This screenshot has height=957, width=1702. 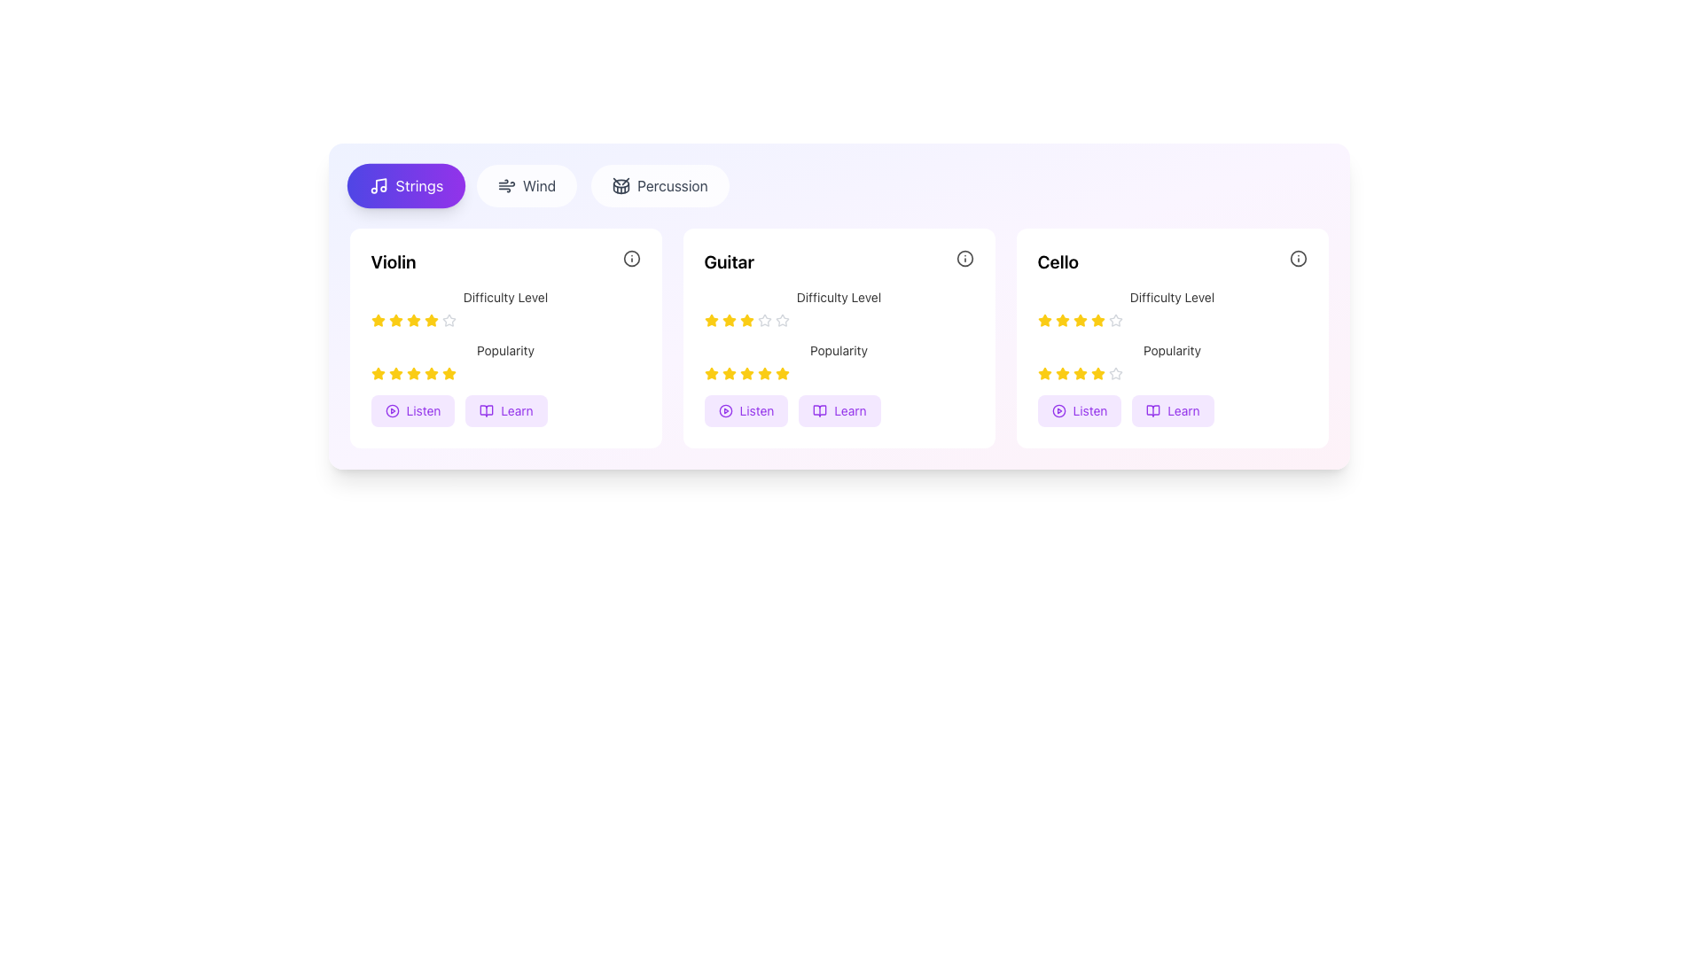 I want to click on the fifth star in the popularity metrics section of the 'Violin' card, which indicates the rating score, so click(x=431, y=372).